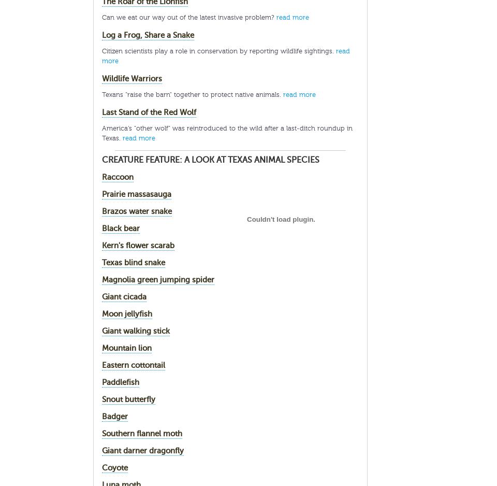 This screenshot has width=497, height=486. Describe the element at coordinates (227, 133) in the screenshot. I see `'America’s "other wolf" was reintroduced to the wild after a last-ditch roundup in Texas.'` at that location.